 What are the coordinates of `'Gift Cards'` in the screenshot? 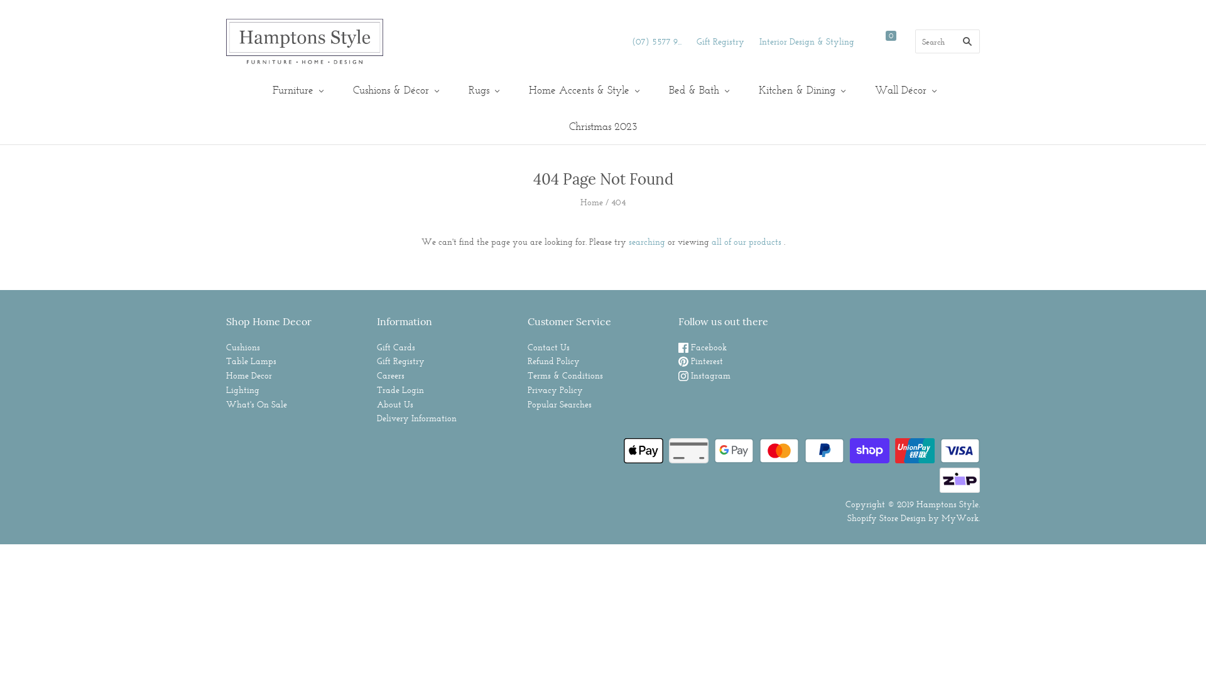 It's located at (395, 347).